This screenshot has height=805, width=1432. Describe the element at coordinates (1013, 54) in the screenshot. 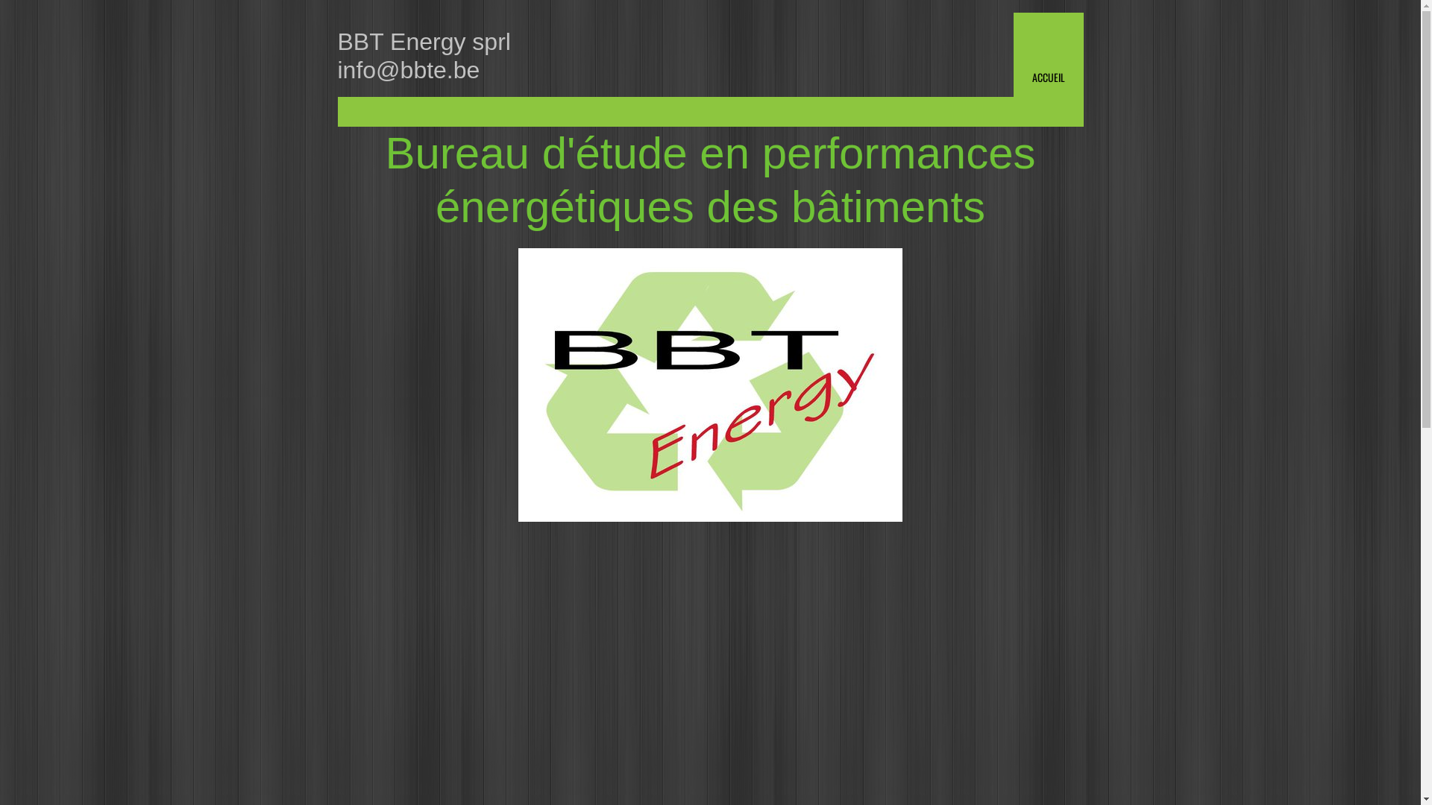

I see `'ACCUEIL'` at that location.